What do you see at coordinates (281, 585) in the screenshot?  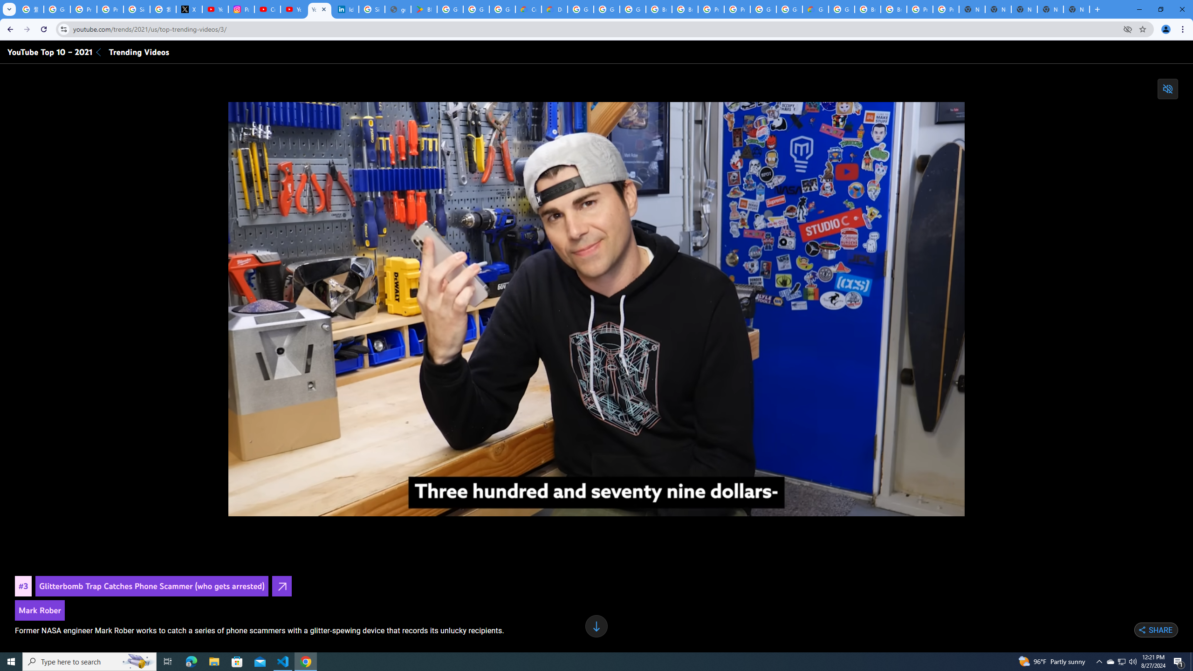 I see `'Open in YouTube'` at bounding box center [281, 585].